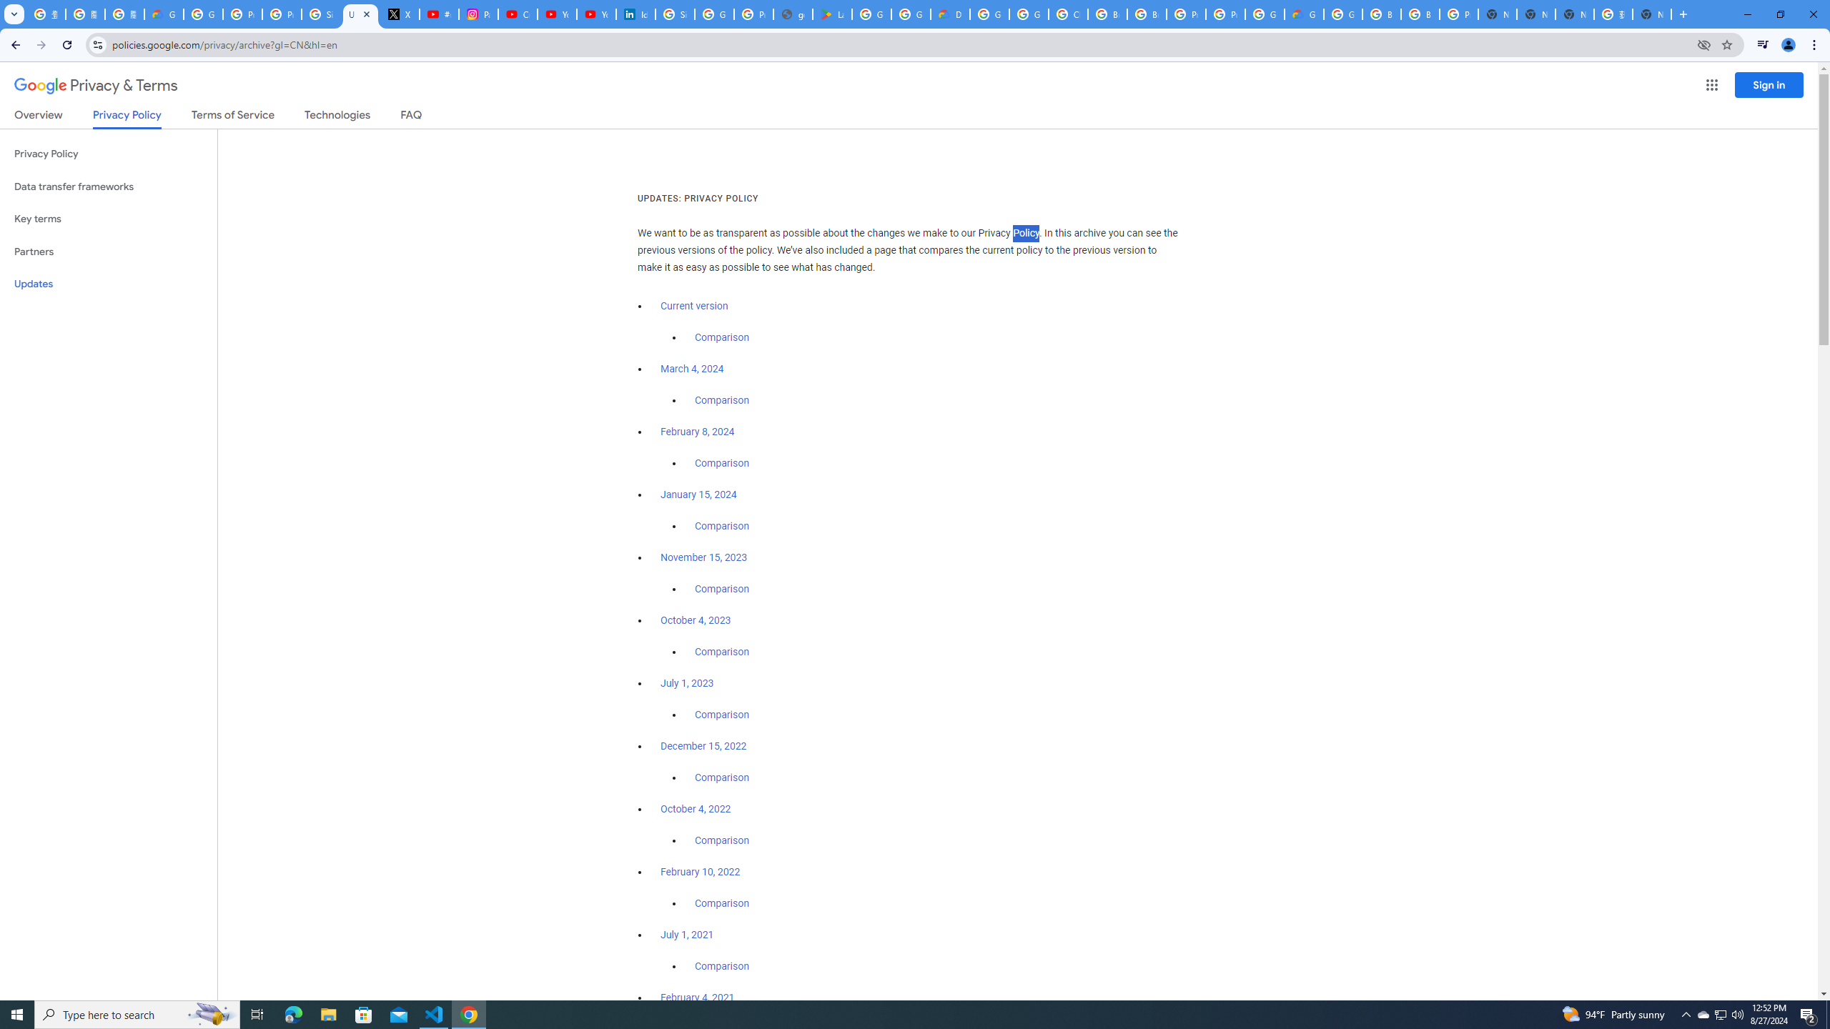 This screenshot has width=1830, height=1029. Describe the element at coordinates (831, 14) in the screenshot. I see `'Last Shelter: Survival - Apps on Google Play'` at that location.